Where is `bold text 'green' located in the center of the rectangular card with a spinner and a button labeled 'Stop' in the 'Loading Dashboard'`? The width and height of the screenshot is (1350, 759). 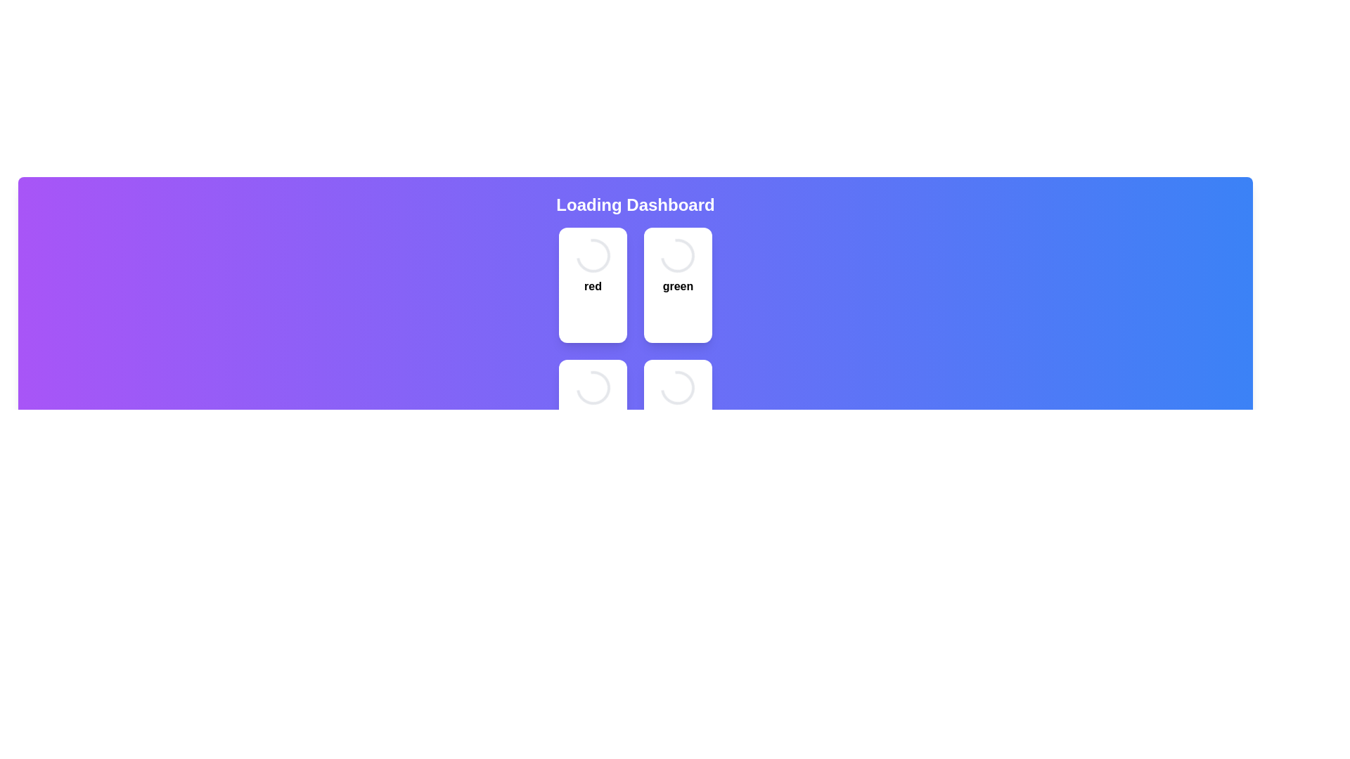
bold text 'green' located in the center of the rectangular card with a spinner and a button labeled 'Stop' in the 'Loading Dashboard' is located at coordinates (678, 285).